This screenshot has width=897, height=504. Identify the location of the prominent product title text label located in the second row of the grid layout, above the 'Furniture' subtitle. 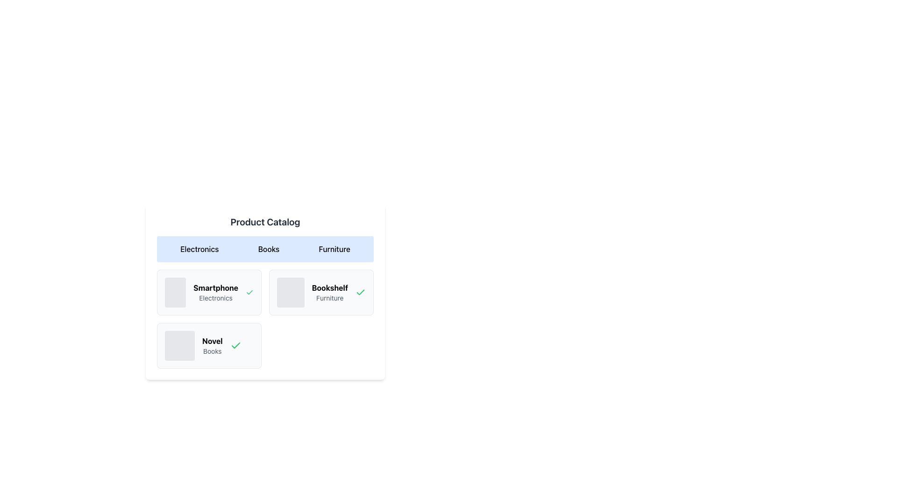
(330, 287).